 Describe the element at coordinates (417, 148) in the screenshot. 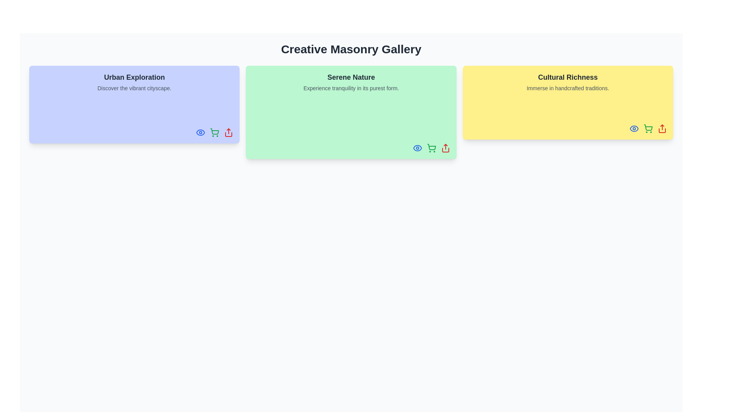

I see `the blue eye-shaped icon button located at the bottom-left corner of the green card labeled 'Serene Nature'` at that location.